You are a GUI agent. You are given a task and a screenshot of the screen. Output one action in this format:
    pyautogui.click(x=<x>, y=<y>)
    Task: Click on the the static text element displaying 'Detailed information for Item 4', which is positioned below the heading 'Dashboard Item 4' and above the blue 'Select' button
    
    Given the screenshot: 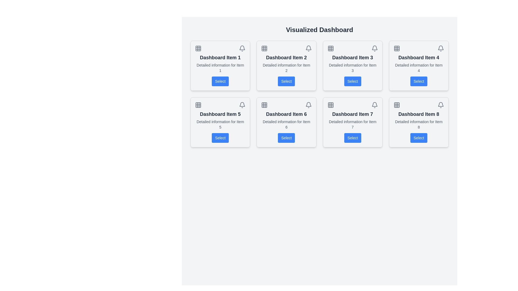 What is the action you would take?
    pyautogui.click(x=418, y=67)
    